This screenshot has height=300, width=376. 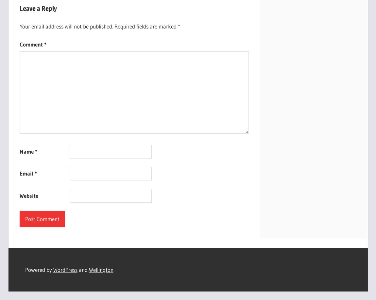 What do you see at coordinates (101, 270) in the screenshot?
I see `'Wellington'` at bounding box center [101, 270].